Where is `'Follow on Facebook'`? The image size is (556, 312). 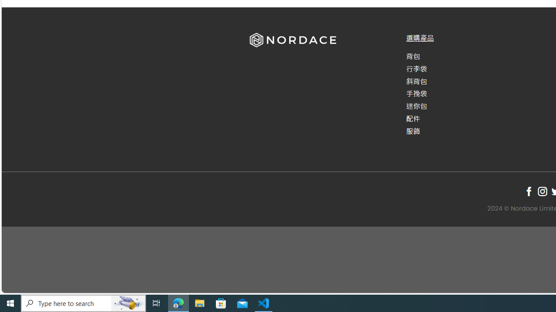
'Follow on Facebook' is located at coordinates (528, 191).